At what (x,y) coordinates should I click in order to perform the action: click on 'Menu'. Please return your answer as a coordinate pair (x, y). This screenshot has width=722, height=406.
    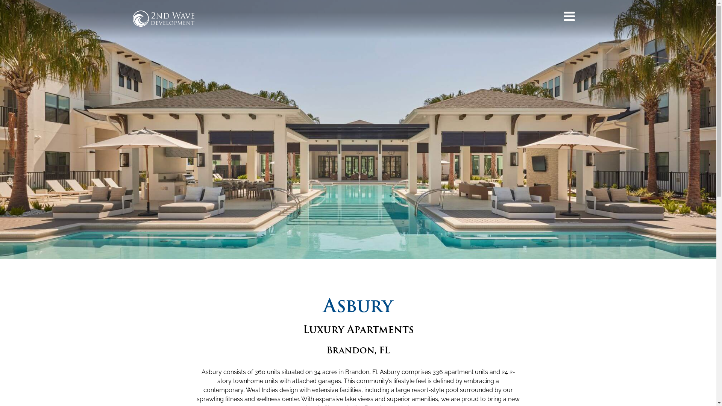
    Looking at the image, I should click on (569, 16).